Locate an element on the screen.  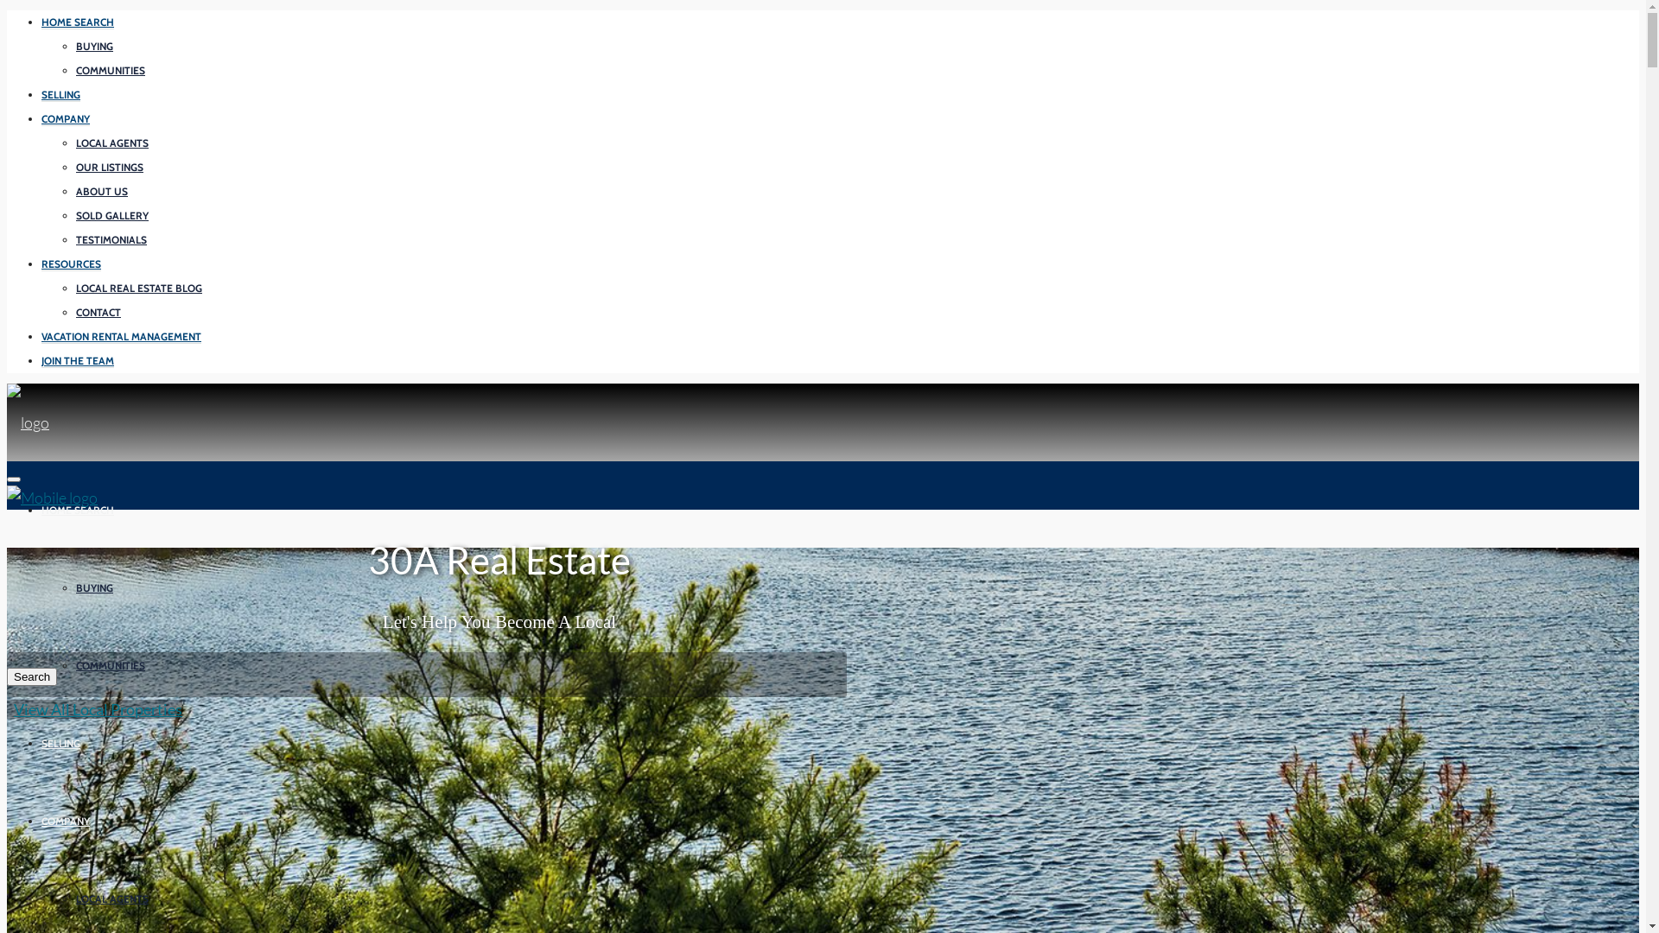
'BUYING' is located at coordinates (93, 46).